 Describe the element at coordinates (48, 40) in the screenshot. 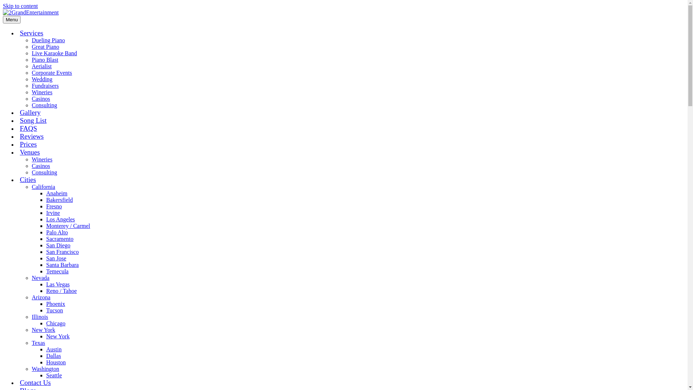

I see `'Dueling Piano'` at that location.